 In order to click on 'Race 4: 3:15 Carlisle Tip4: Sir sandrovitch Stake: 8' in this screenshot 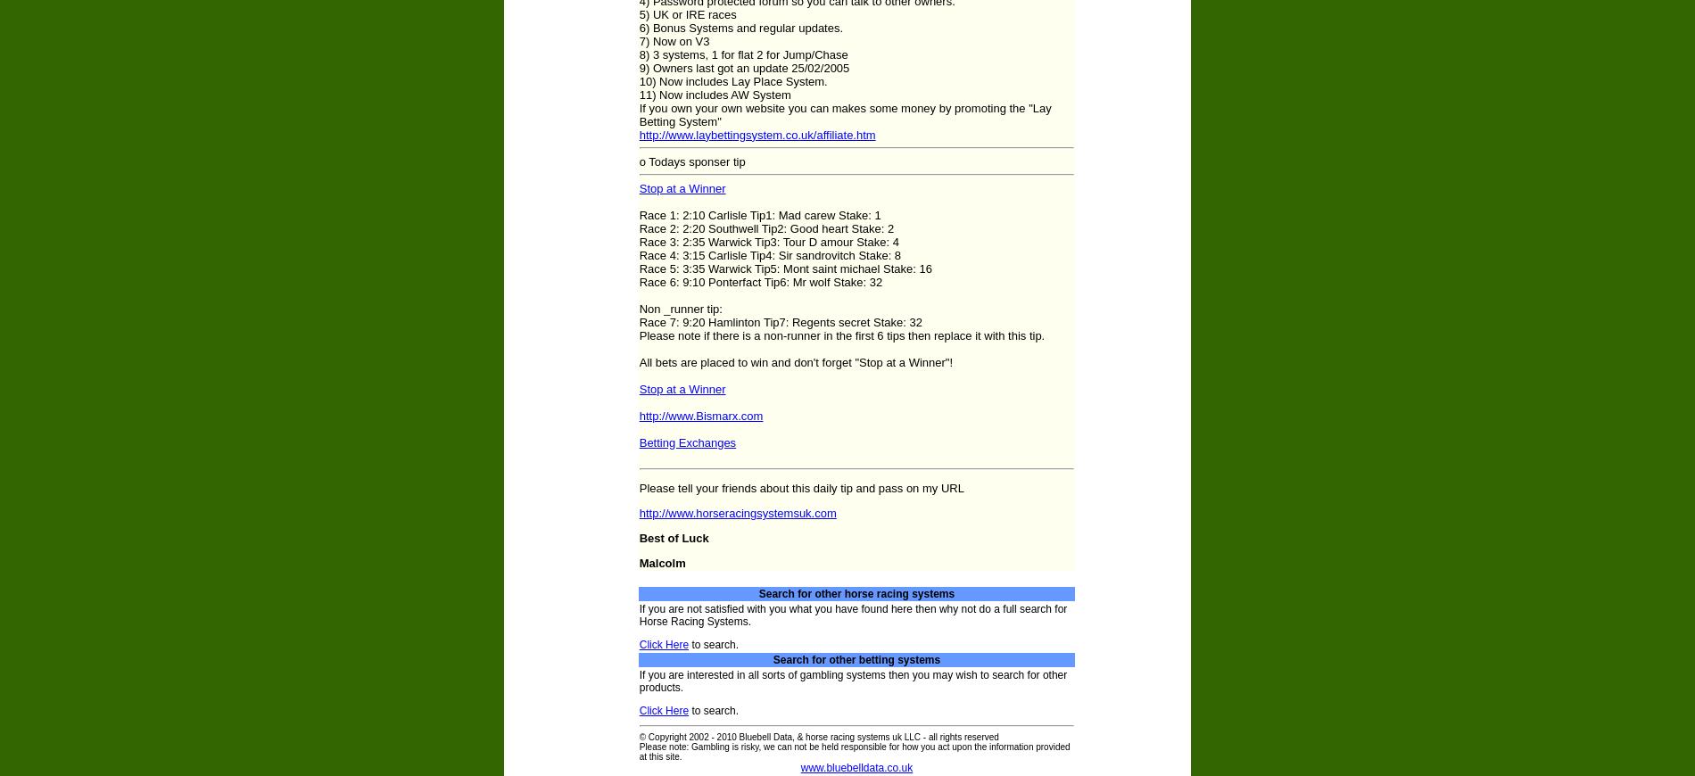, I will do `click(768, 254)`.